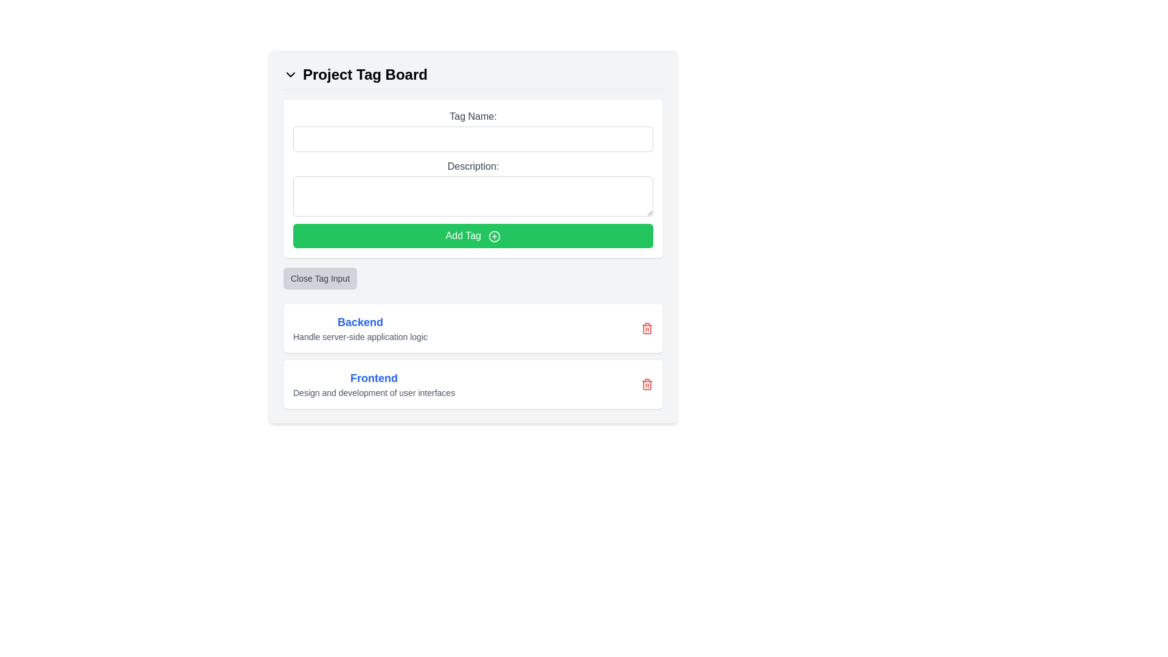 Image resolution: width=1168 pixels, height=657 pixels. I want to click on the toggle icon for the 'Project Tag Board' section, so click(290, 75).